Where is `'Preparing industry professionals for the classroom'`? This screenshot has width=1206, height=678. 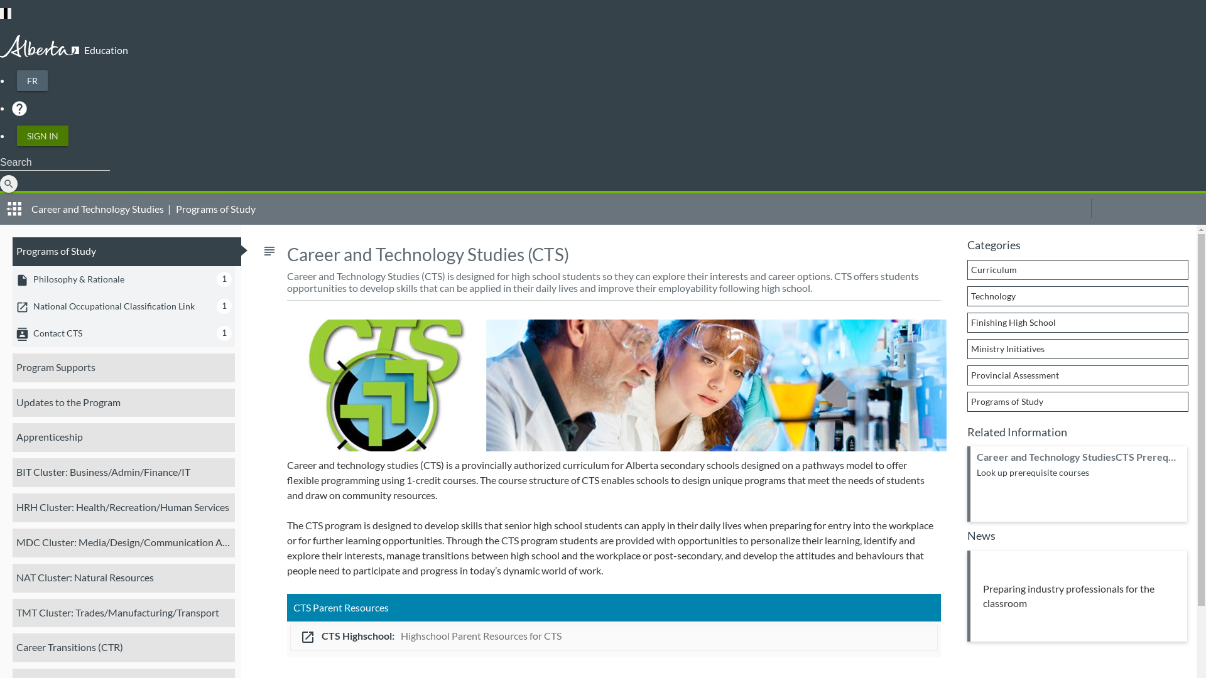 'Preparing industry professionals for the classroom' is located at coordinates (1076, 595).